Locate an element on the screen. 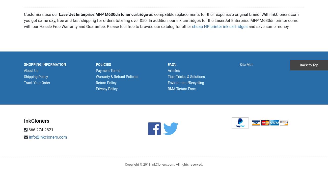  'Shipping Policy' is located at coordinates (36, 76).